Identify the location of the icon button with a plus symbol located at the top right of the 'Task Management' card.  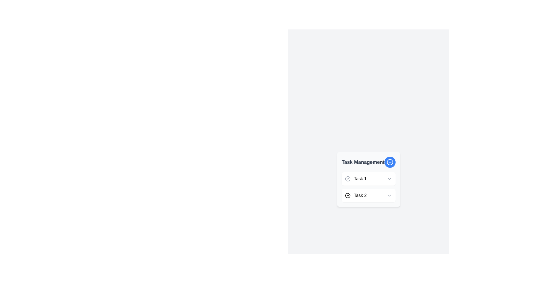
(390, 162).